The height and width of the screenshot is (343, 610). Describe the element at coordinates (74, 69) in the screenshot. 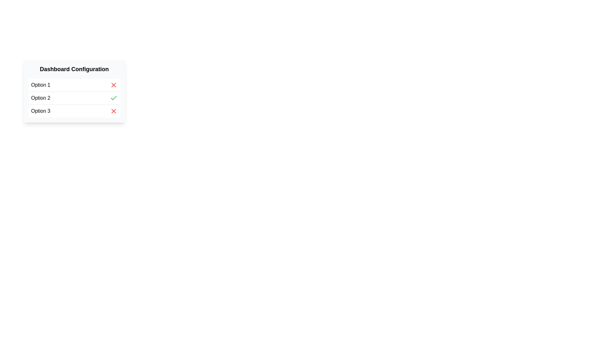

I see `the Text Label that serves as the title or header of the configuration section, which is located at the top of a card-like structure with rounded corners` at that location.